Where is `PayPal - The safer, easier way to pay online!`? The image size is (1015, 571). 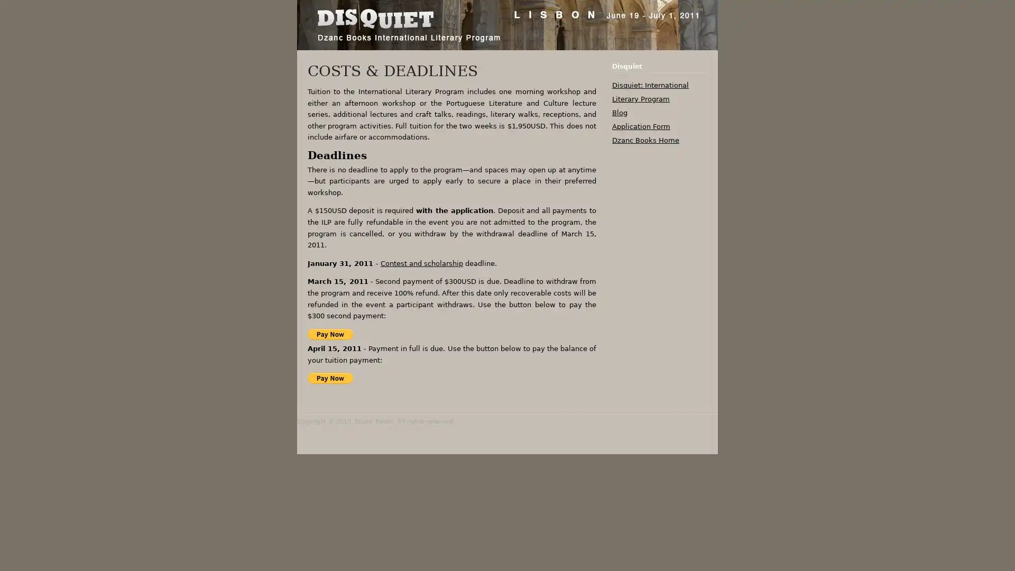
PayPal - The safer, easier way to pay online! is located at coordinates (329, 377).